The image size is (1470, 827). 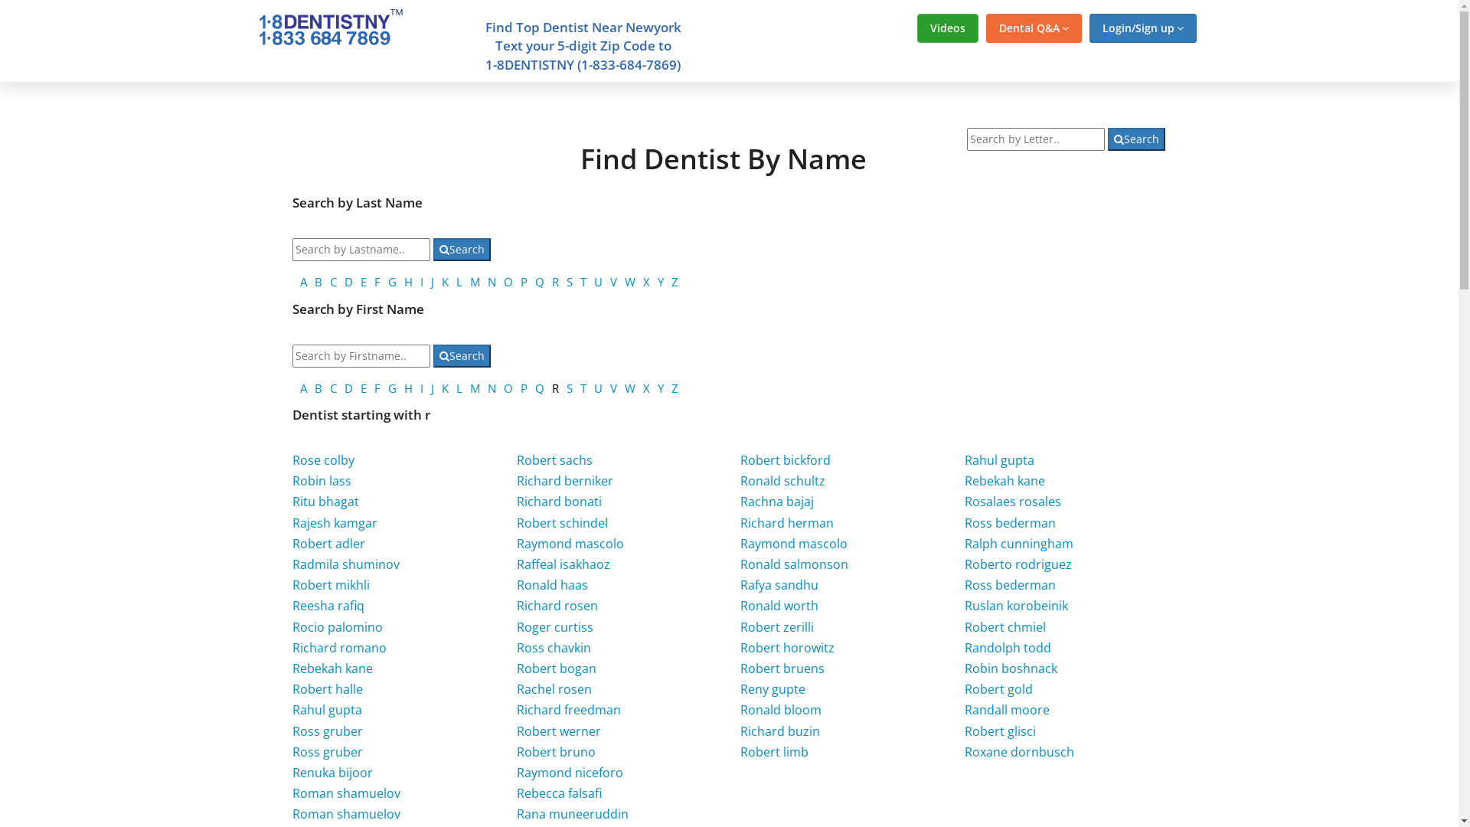 I want to click on 'Search', so click(x=461, y=249).